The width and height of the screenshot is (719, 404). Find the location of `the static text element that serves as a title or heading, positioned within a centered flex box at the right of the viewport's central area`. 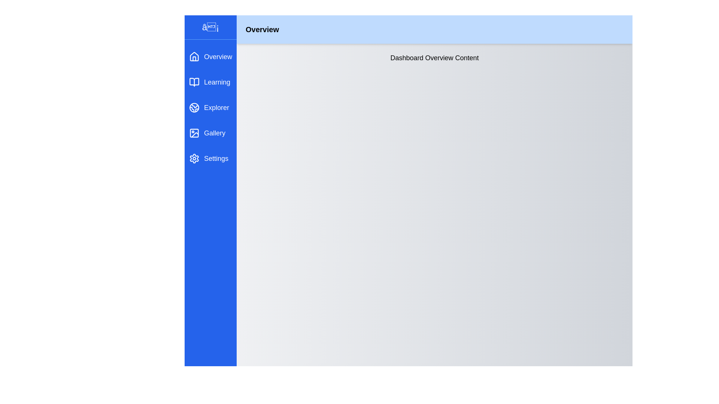

the static text element that serves as a title or heading, positioned within a centered flex box at the right of the viewport's central area is located at coordinates (434, 57).